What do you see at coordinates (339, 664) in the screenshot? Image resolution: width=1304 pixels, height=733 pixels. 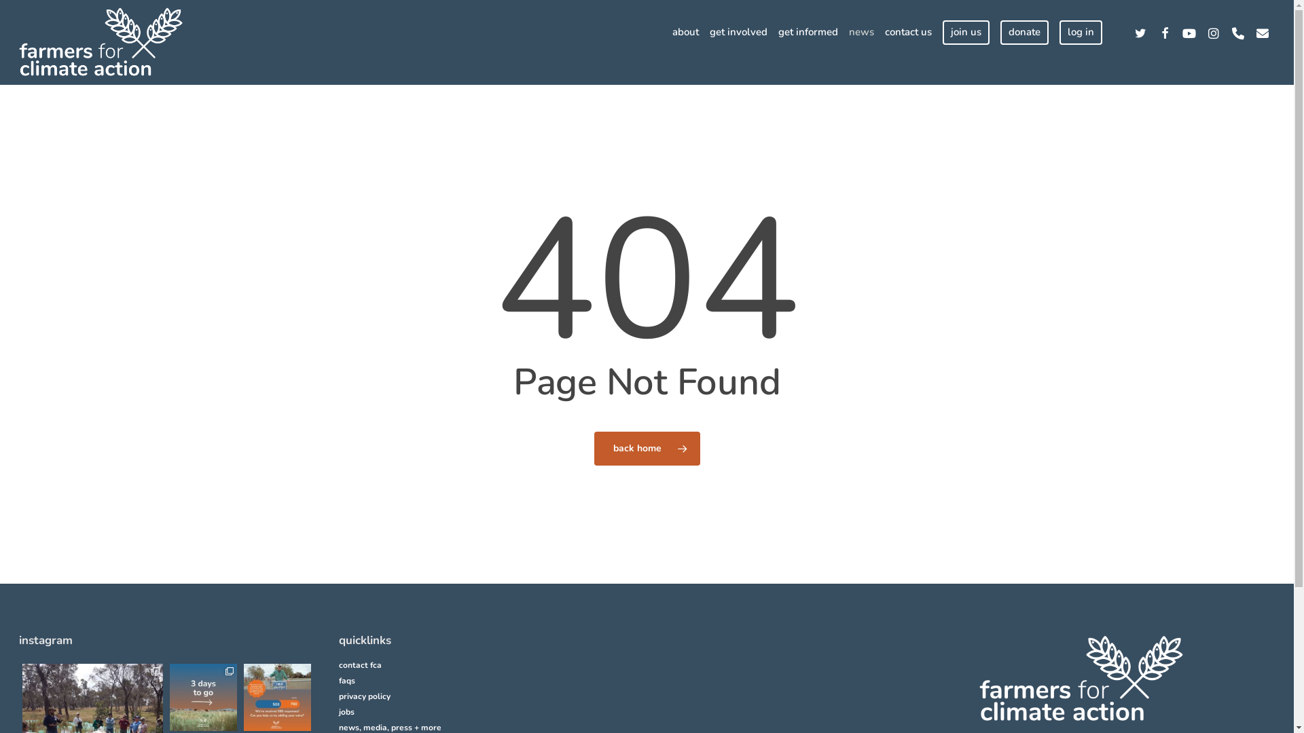 I see `'contact fca'` at bounding box center [339, 664].